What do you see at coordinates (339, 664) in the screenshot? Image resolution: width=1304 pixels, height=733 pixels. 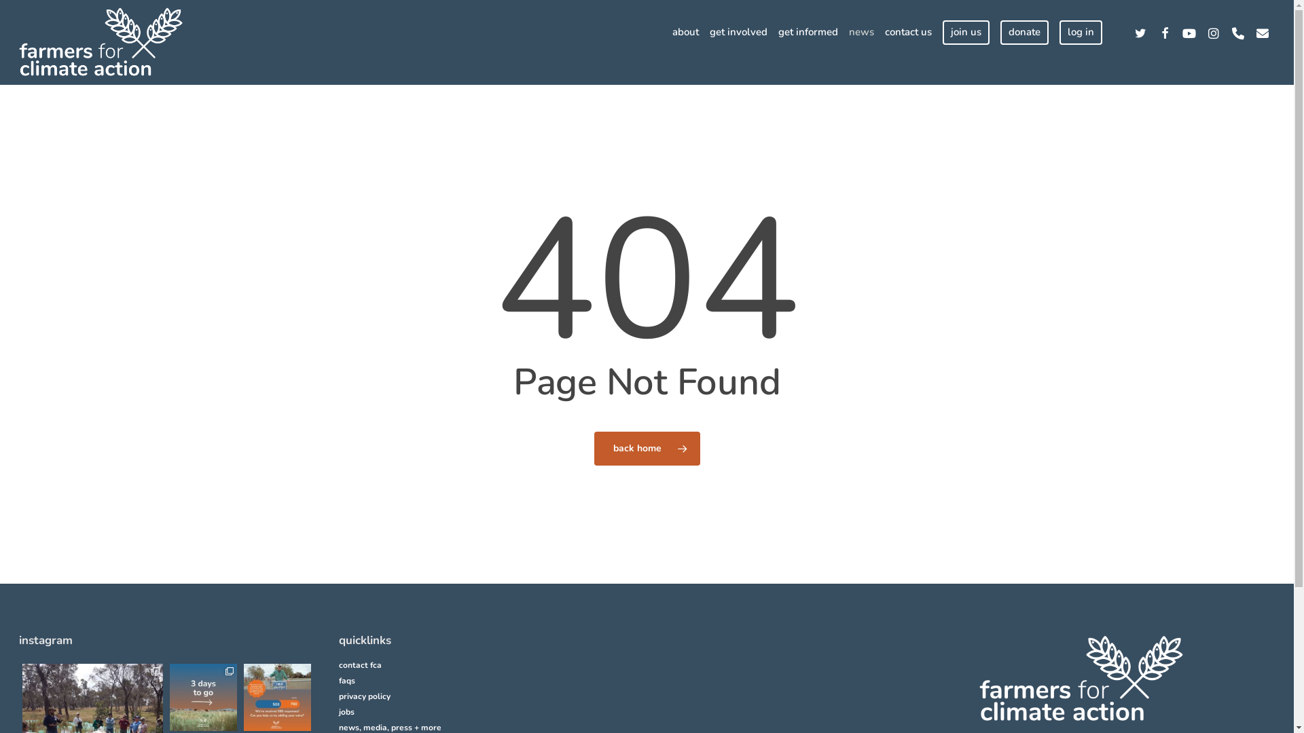 I see `'contact fca'` at bounding box center [339, 664].